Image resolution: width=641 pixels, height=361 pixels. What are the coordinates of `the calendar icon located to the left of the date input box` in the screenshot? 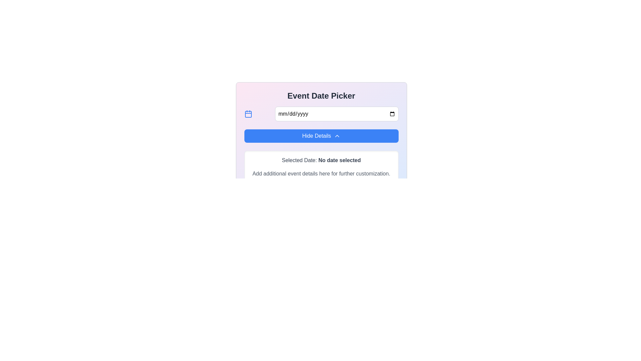 It's located at (248, 113).